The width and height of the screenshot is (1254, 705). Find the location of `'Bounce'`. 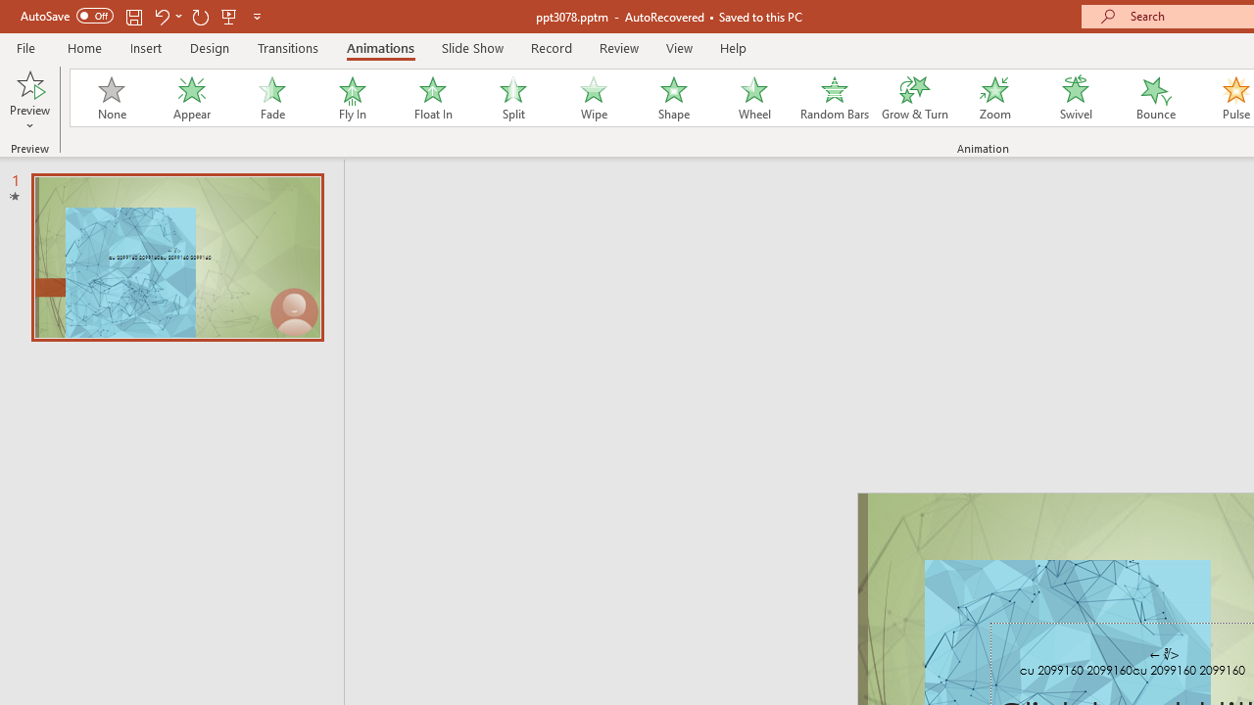

'Bounce' is located at coordinates (1156, 98).